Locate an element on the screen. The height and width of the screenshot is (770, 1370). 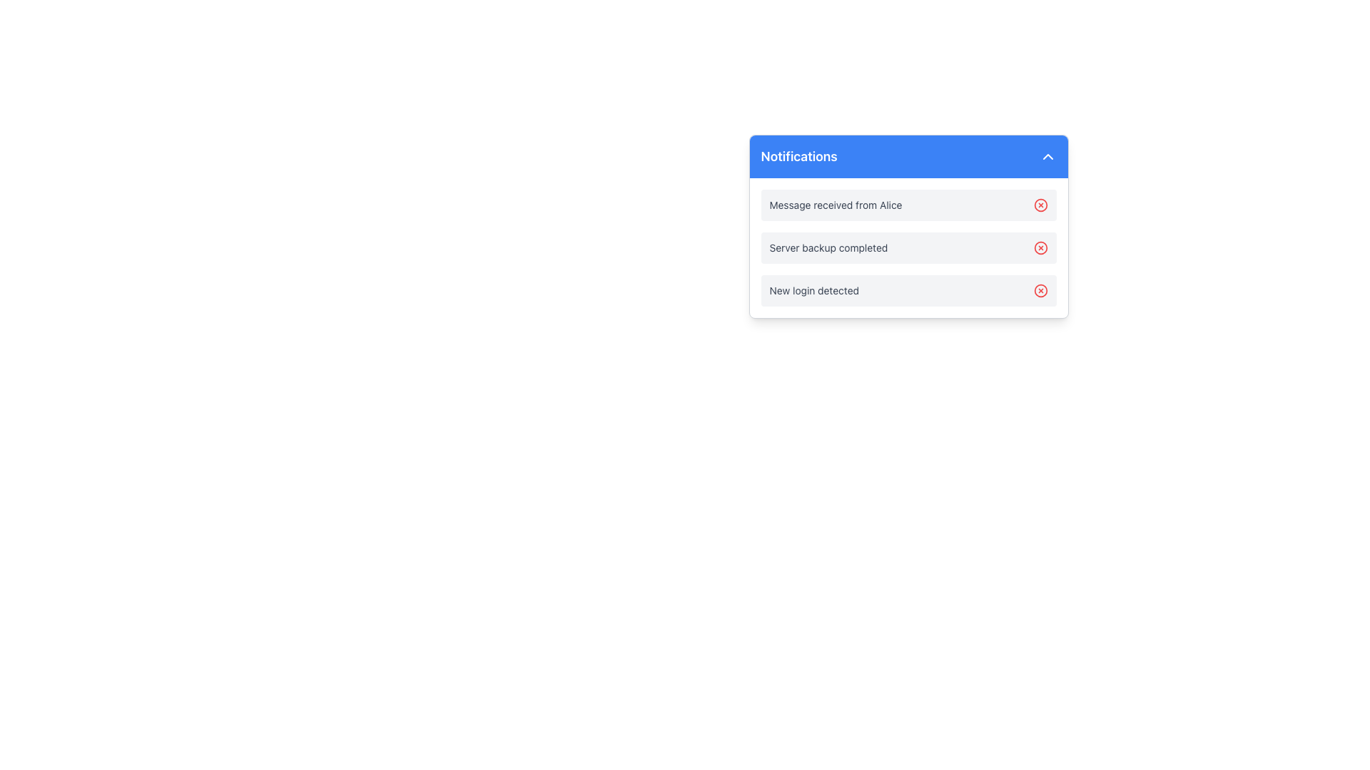
displayed text of the Notifications label, which is a bold and large white text on a blue background located at the left side of the header section is located at coordinates (799, 156).